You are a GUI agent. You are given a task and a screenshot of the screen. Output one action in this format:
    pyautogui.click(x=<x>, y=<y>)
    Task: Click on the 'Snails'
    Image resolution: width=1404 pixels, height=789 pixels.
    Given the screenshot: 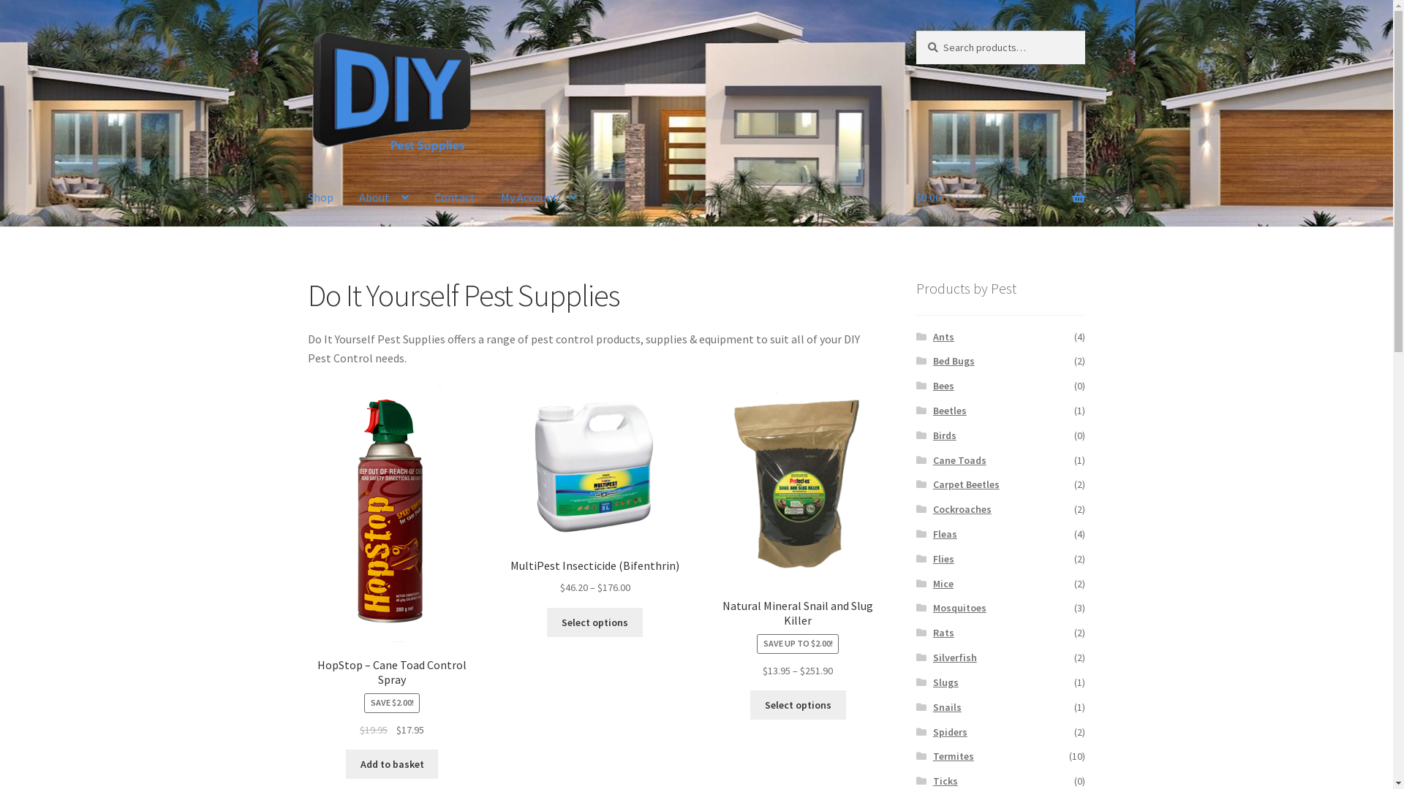 What is the action you would take?
    pyautogui.click(x=947, y=706)
    